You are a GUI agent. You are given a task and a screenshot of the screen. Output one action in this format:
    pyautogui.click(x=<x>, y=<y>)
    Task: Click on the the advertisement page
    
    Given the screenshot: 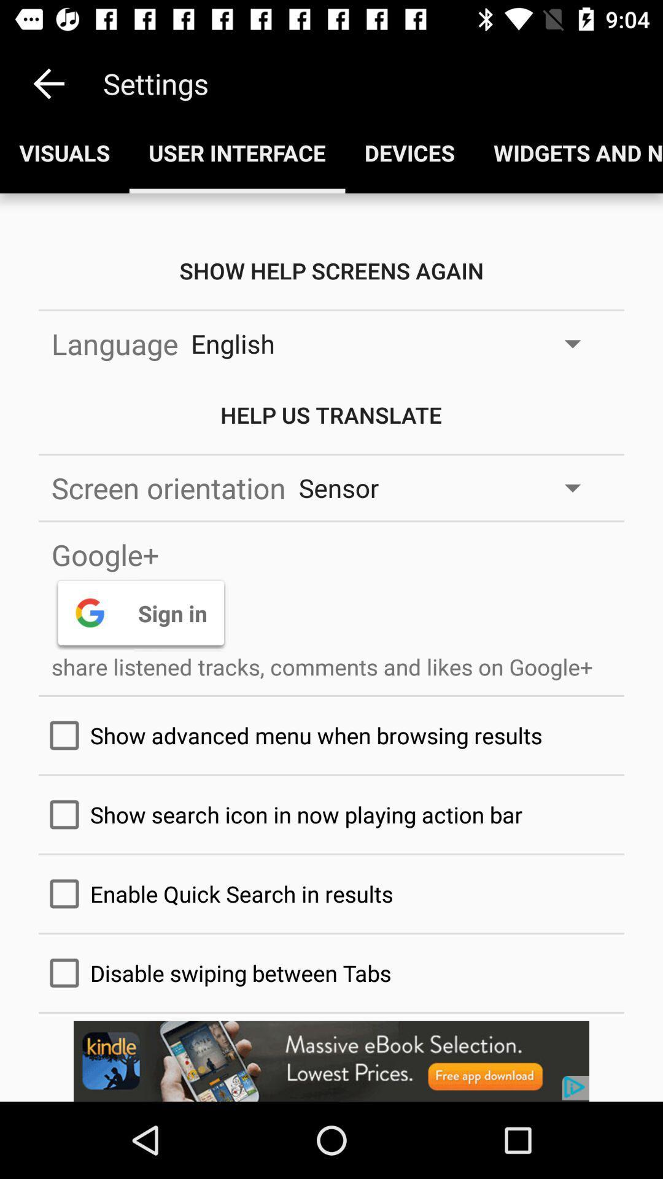 What is the action you would take?
    pyautogui.click(x=331, y=1060)
    